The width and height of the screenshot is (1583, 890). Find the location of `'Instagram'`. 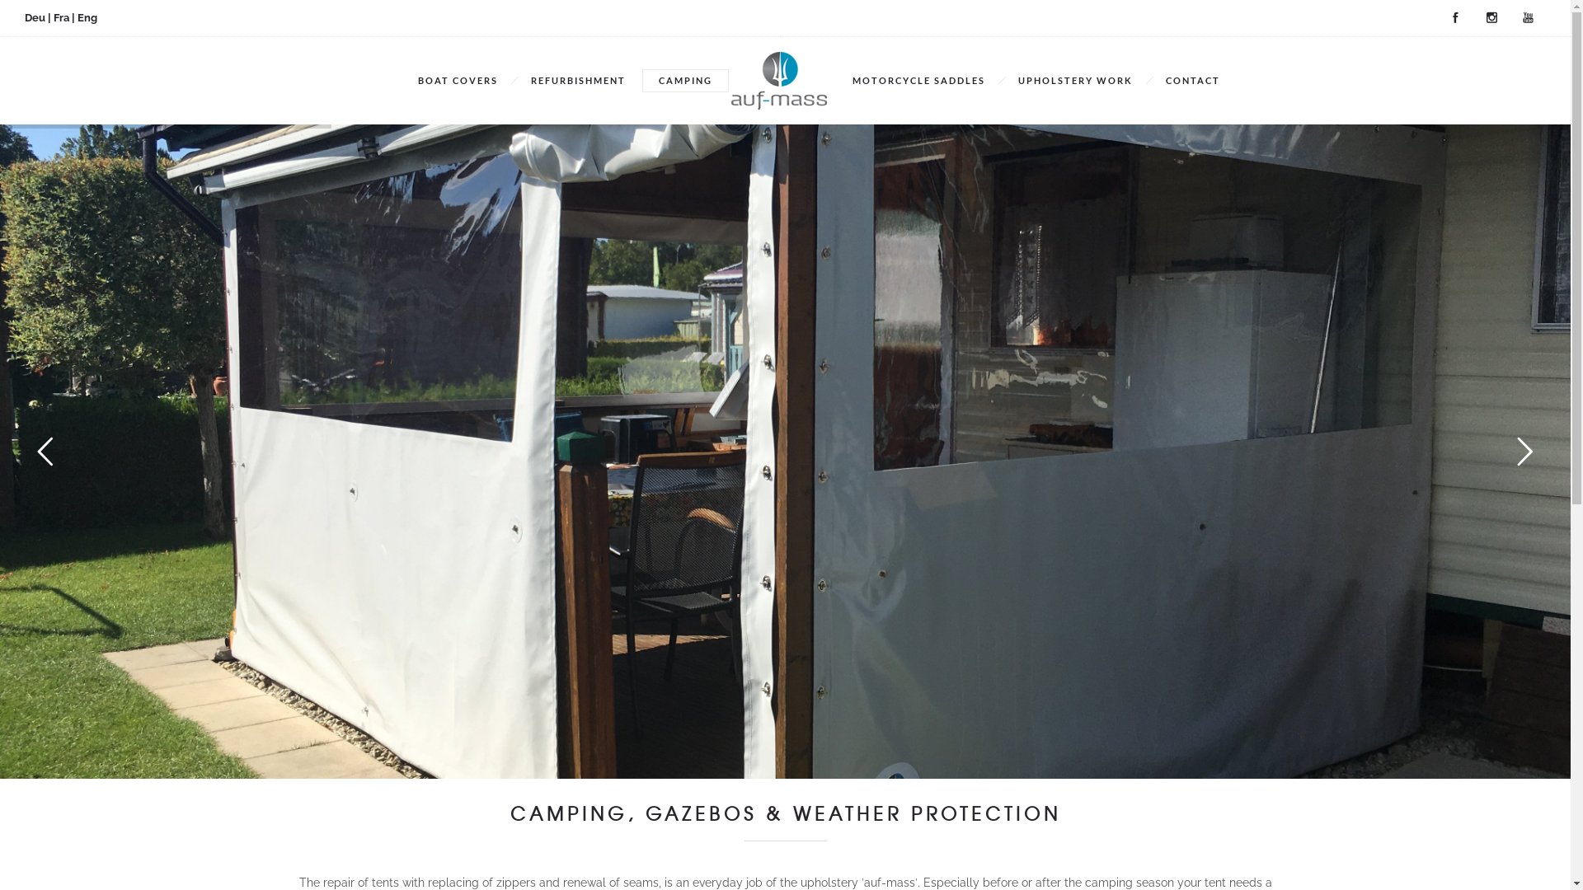

'Instagram' is located at coordinates (1491, 18).